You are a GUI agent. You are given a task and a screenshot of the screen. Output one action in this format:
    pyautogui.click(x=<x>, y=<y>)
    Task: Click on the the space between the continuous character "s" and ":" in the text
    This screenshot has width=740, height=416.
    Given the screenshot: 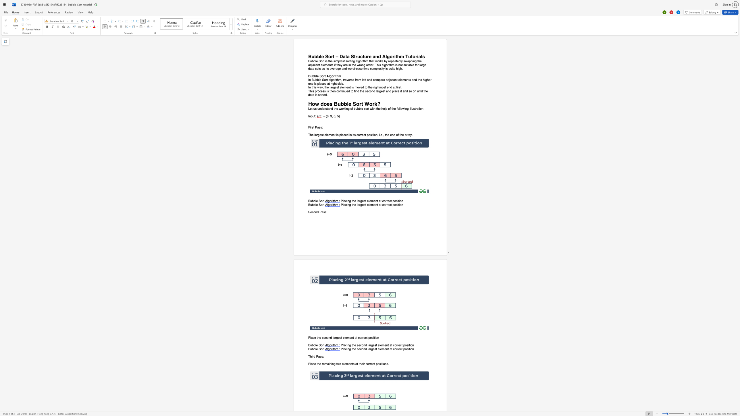 What is the action you would take?
    pyautogui.click(x=323, y=356)
    